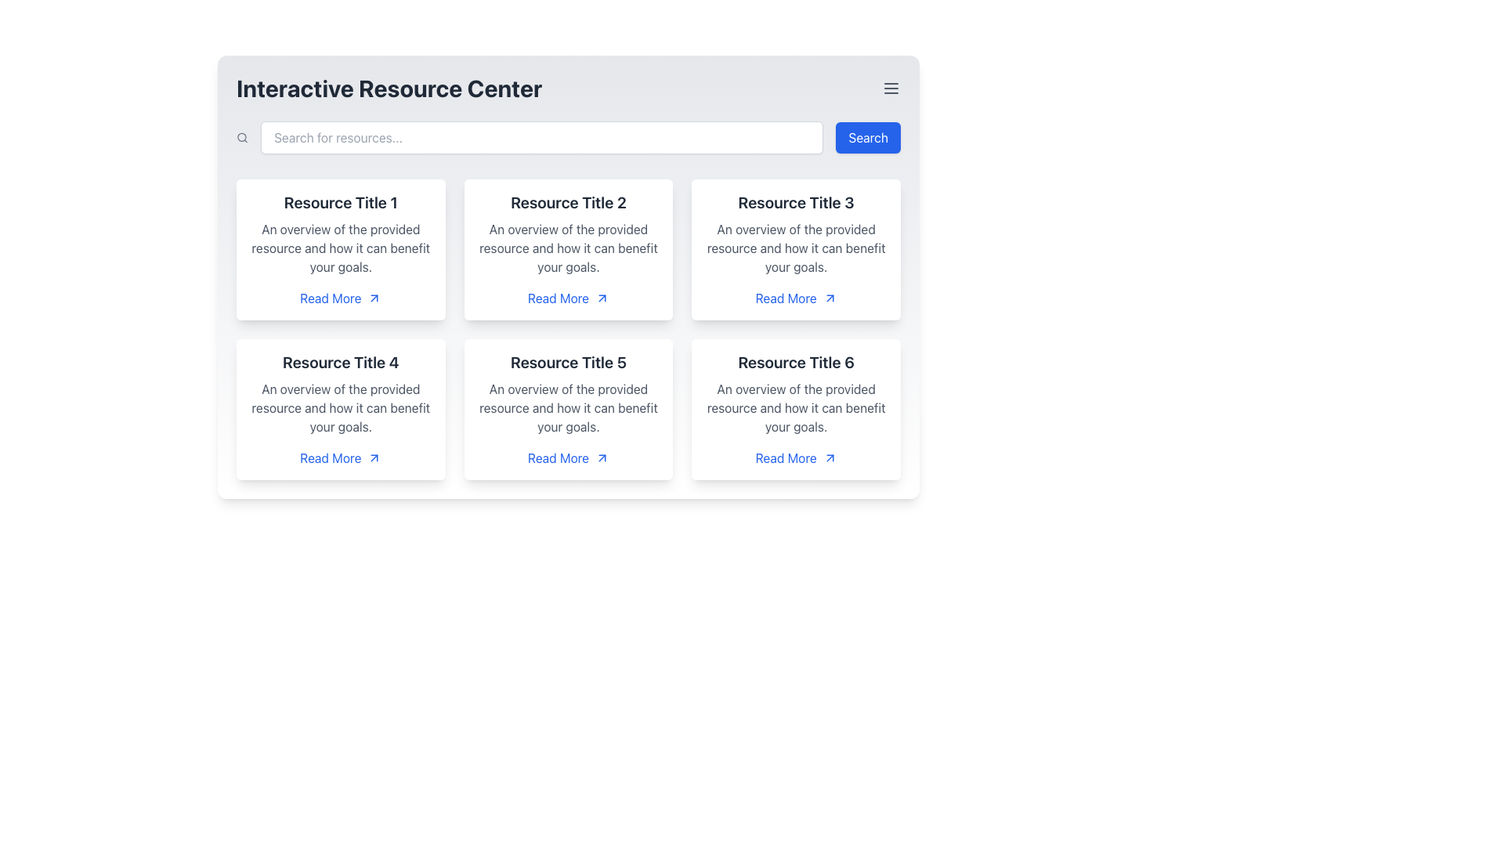  I want to click on the link located in the bottom section of the card titled 'Resource Title 4', so click(340, 458).